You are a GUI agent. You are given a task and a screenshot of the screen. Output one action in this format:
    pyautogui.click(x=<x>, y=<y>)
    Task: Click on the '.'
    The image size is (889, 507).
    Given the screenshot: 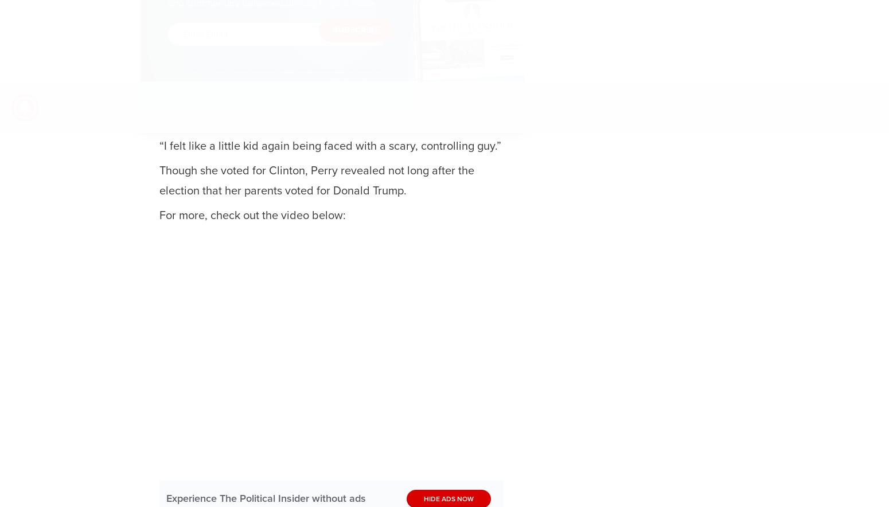 What is the action you would take?
    pyautogui.click(x=305, y=86)
    